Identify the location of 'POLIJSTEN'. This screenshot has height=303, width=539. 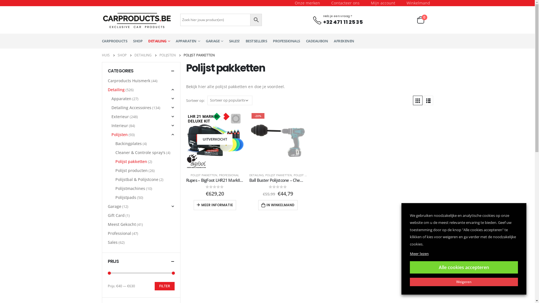
(167, 55).